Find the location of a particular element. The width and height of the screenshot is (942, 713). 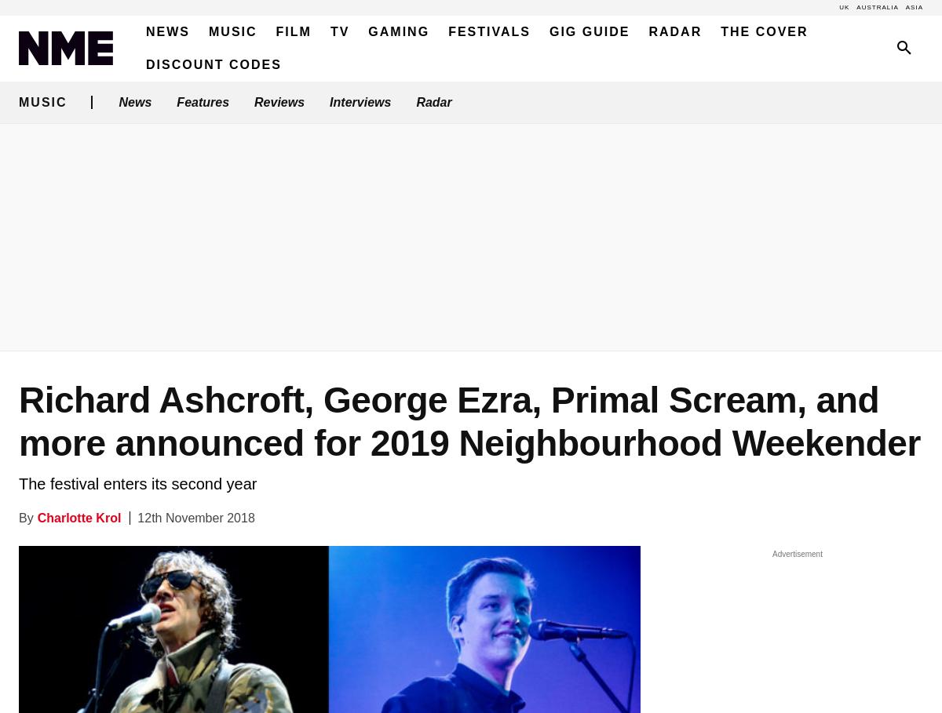

'By' is located at coordinates (26, 517).